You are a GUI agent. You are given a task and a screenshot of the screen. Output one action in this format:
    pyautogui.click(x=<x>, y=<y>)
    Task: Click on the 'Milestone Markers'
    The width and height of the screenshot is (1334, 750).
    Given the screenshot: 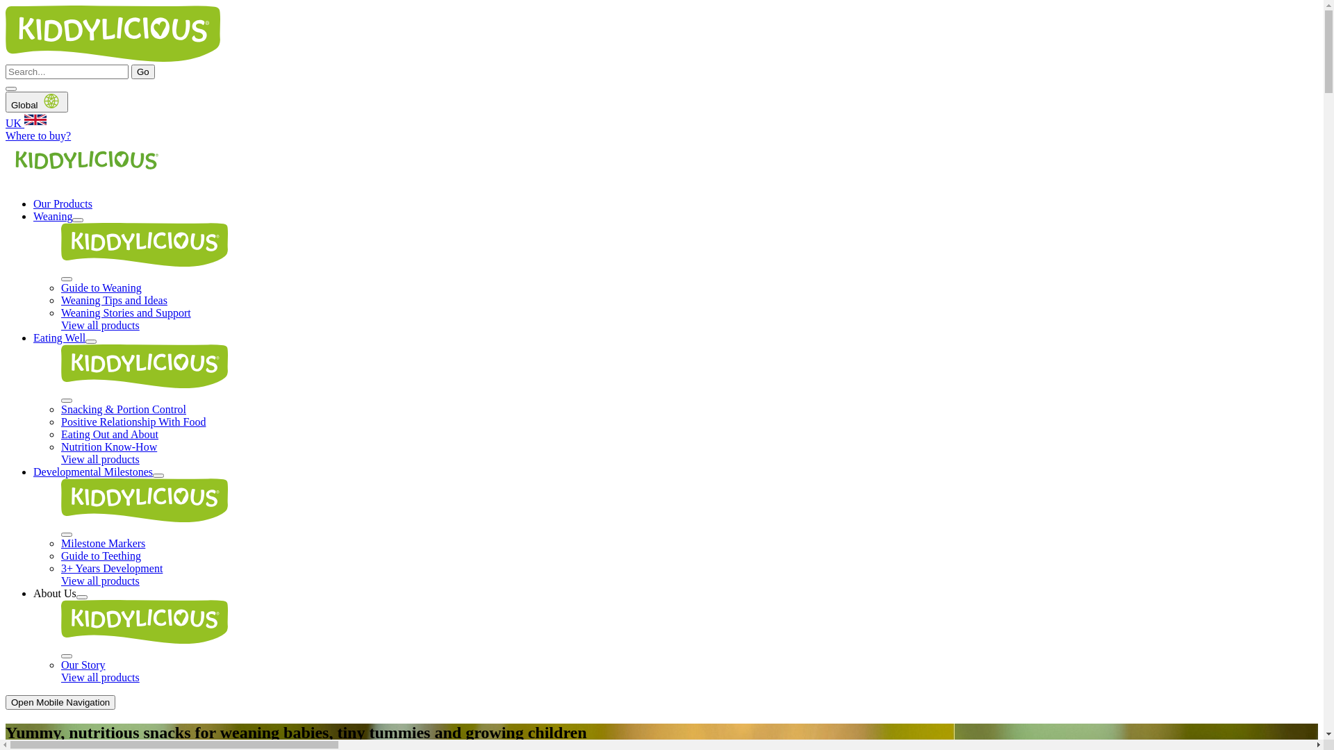 What is the action you would take?
    pyautogui.click(x=102, y=542)
    